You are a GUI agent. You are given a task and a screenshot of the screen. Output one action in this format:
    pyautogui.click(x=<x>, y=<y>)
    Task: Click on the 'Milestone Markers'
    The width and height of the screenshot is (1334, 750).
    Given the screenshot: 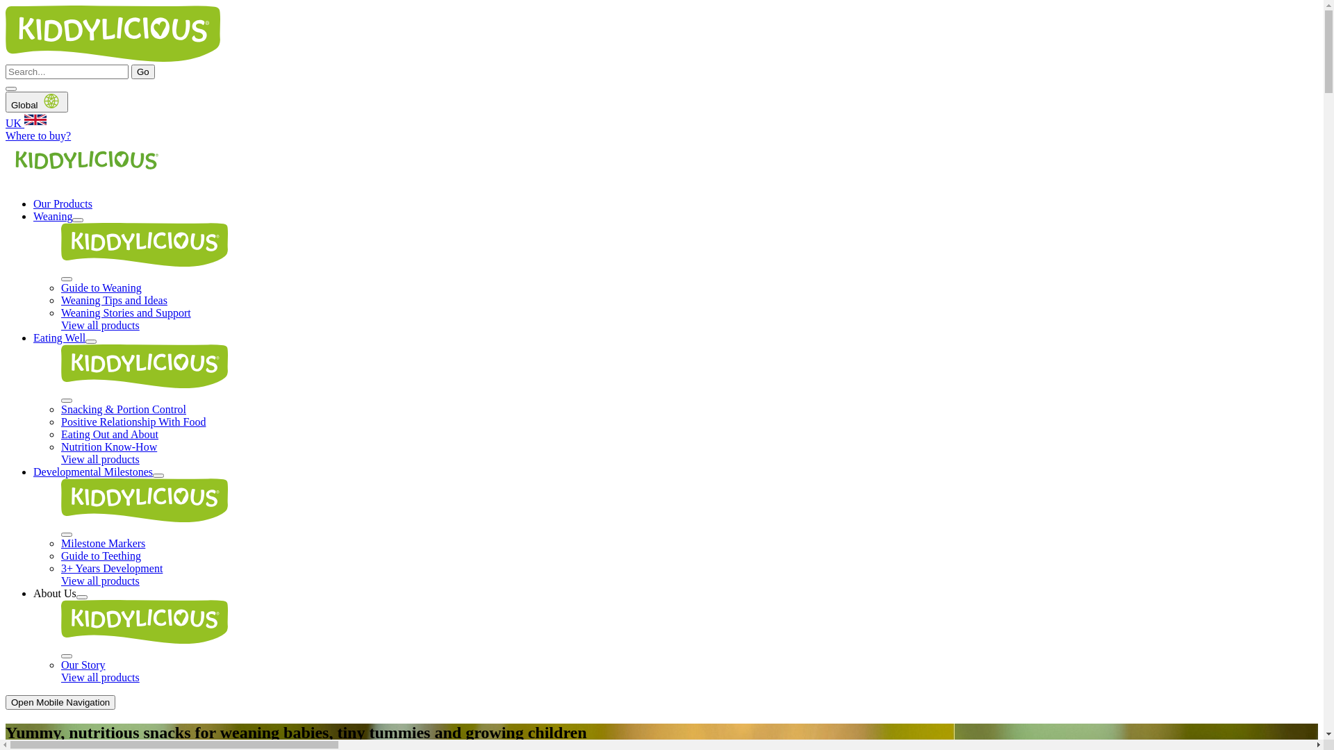 What is the action you would take?
    pyautogui.click(x=102, y=542)
    